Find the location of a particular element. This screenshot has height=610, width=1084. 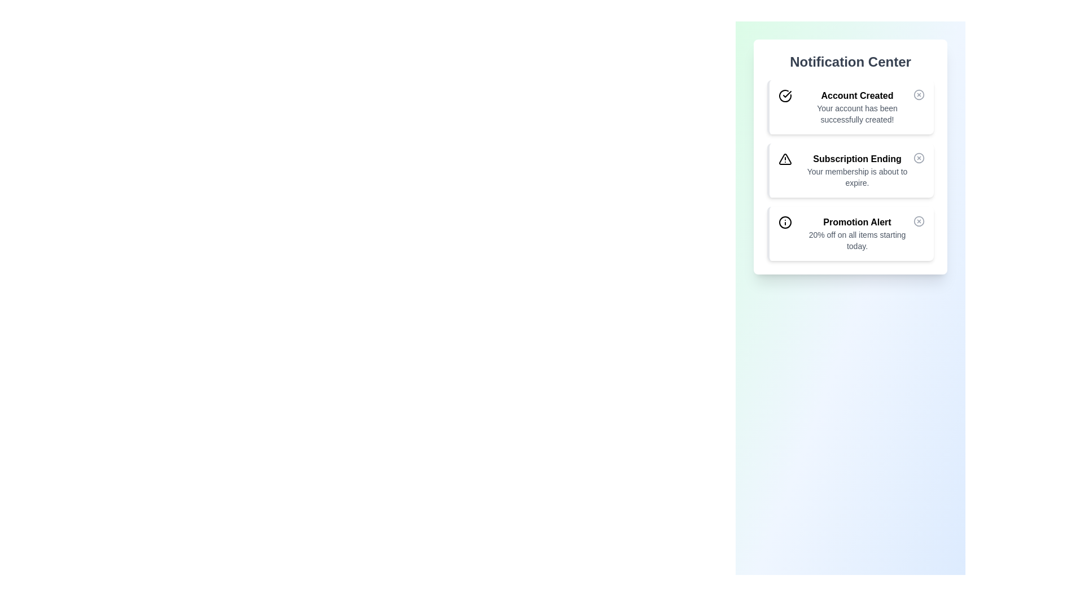

the decorative part of the close icon for the 'Promotion Alert' notification located in the top-right corner is located at coordinates (919, 221).